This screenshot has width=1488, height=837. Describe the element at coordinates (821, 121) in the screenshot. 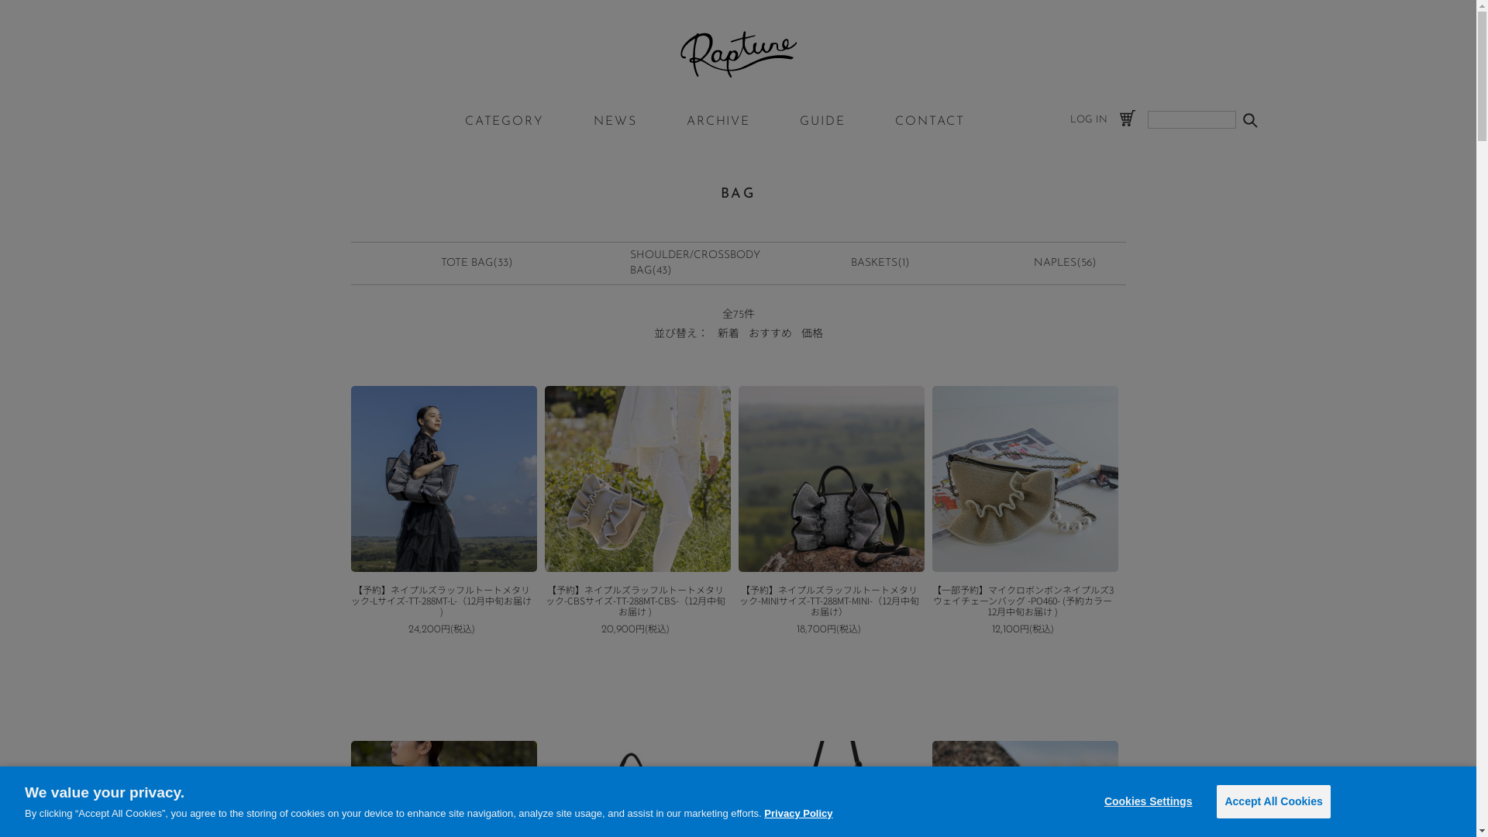

I see `'GUIDE'` at that location.